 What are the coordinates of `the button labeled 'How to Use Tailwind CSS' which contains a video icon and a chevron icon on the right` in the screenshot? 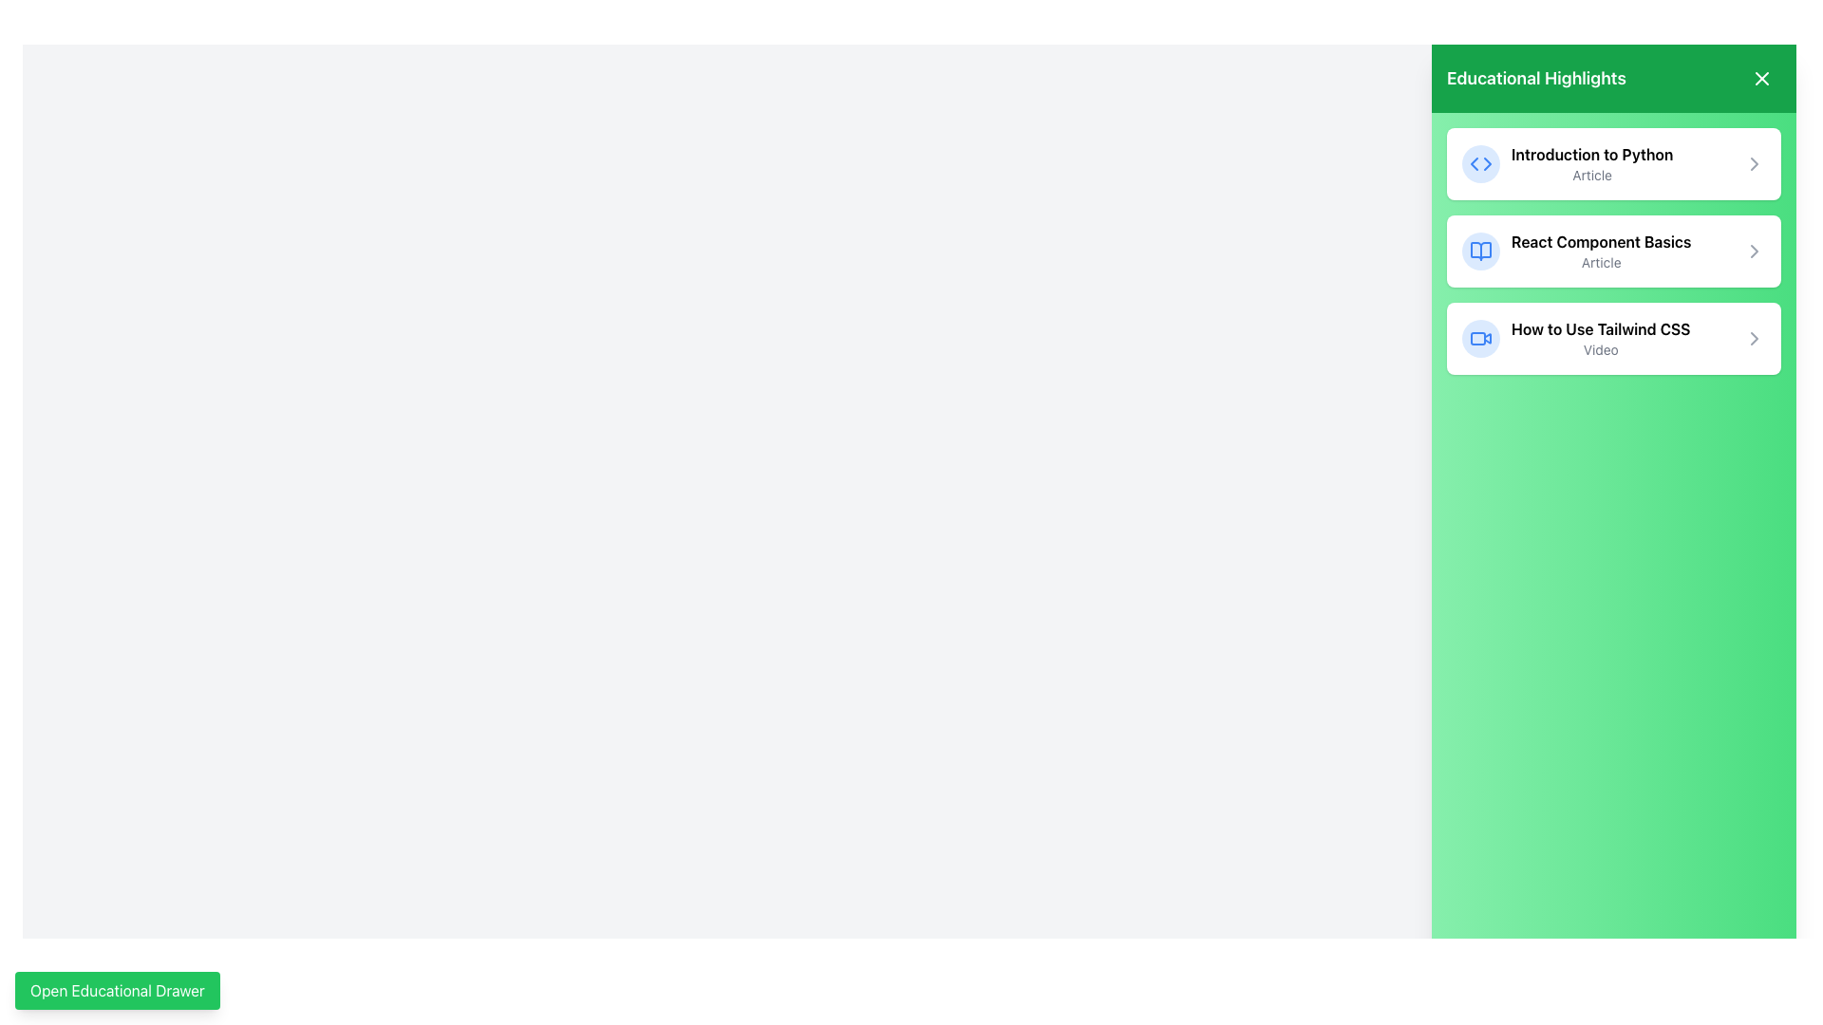 It's located at (1612, 338).